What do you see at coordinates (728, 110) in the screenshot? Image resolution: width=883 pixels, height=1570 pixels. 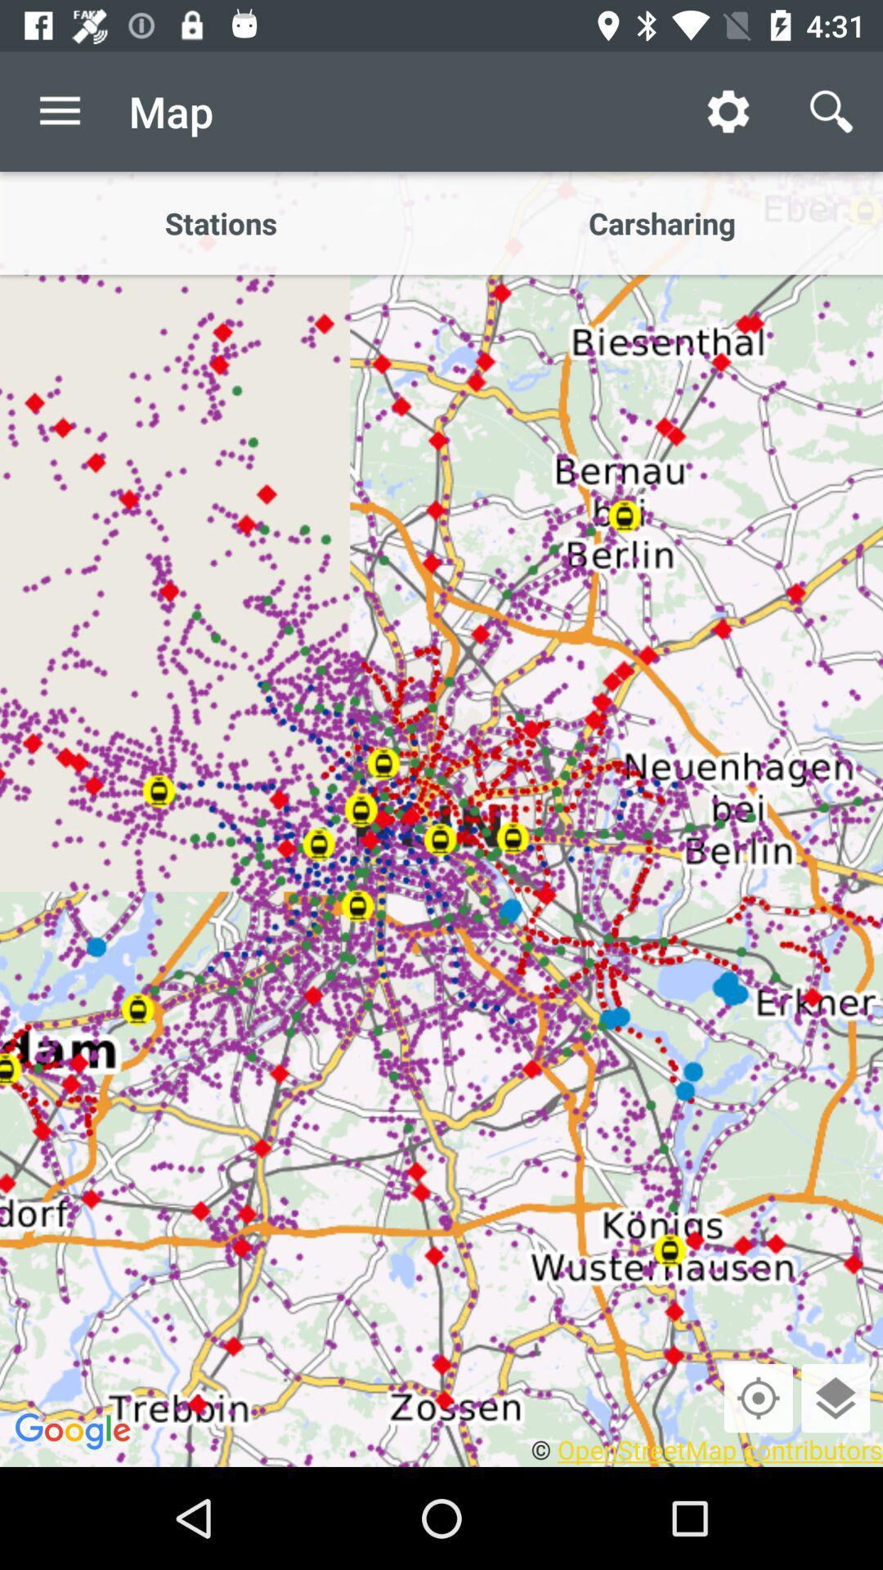 I see `icon to the right of the map icon` at bounding box center [728, 110].